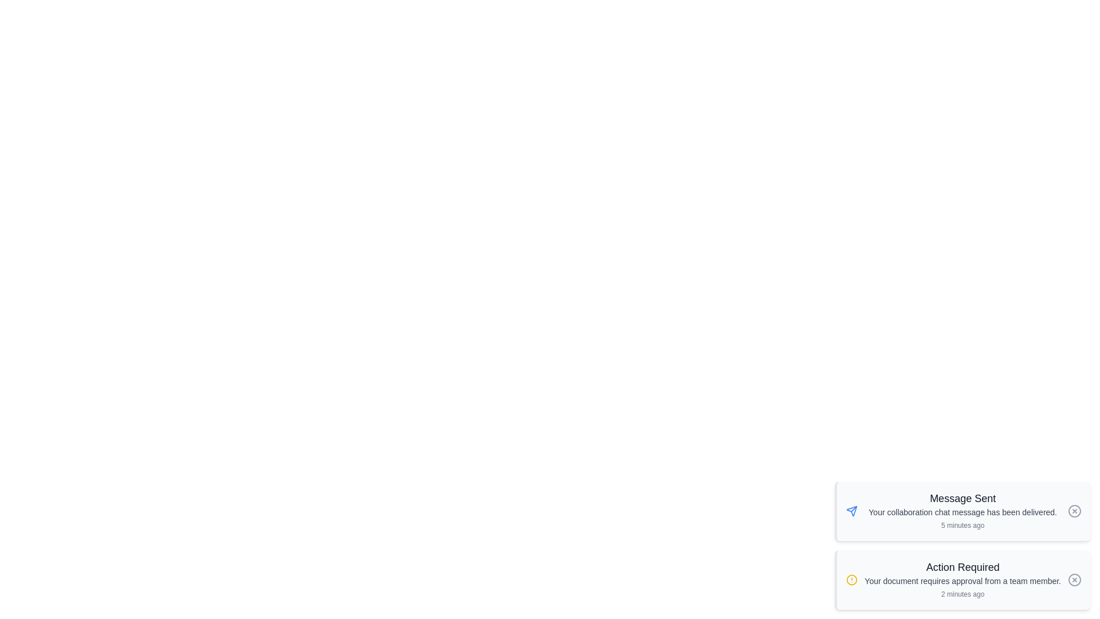  Describe the element at coordinates (962, 526) in the screenshot. I see `the timestamp of the notification to examine its timing` at that location.